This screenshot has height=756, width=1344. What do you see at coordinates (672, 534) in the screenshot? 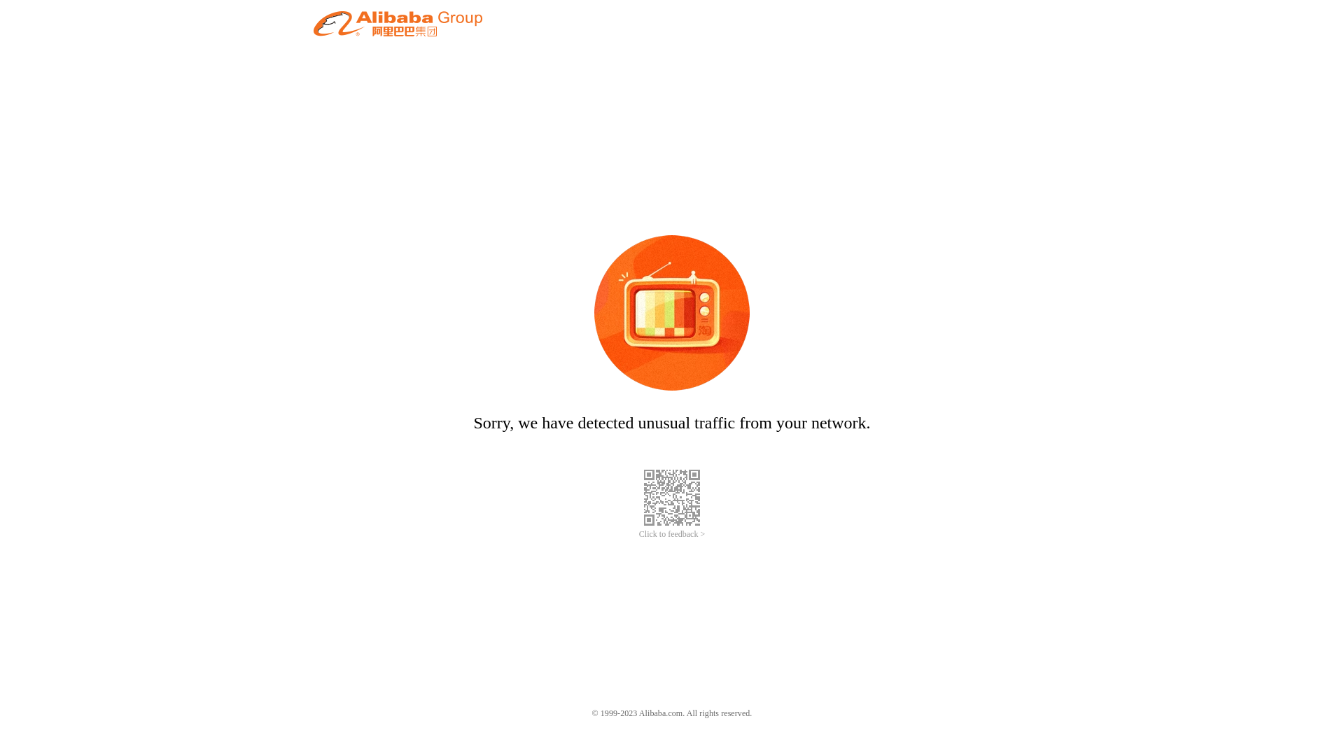
I see `'Click to feedback >'` at bounding box center [672, 534].